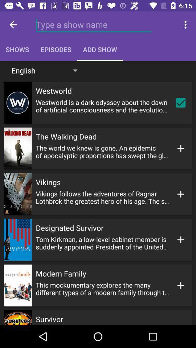  I want to click on the button below english, so click(98, 102).